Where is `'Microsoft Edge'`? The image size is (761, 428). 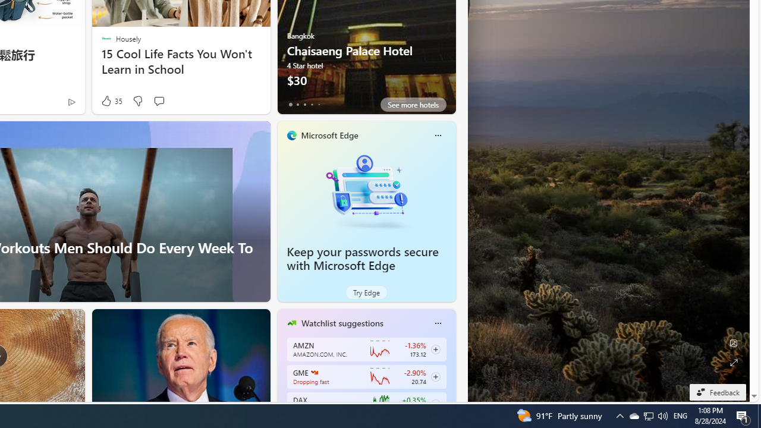
'Microsoft Edge' is located at coordinates (329, 134).